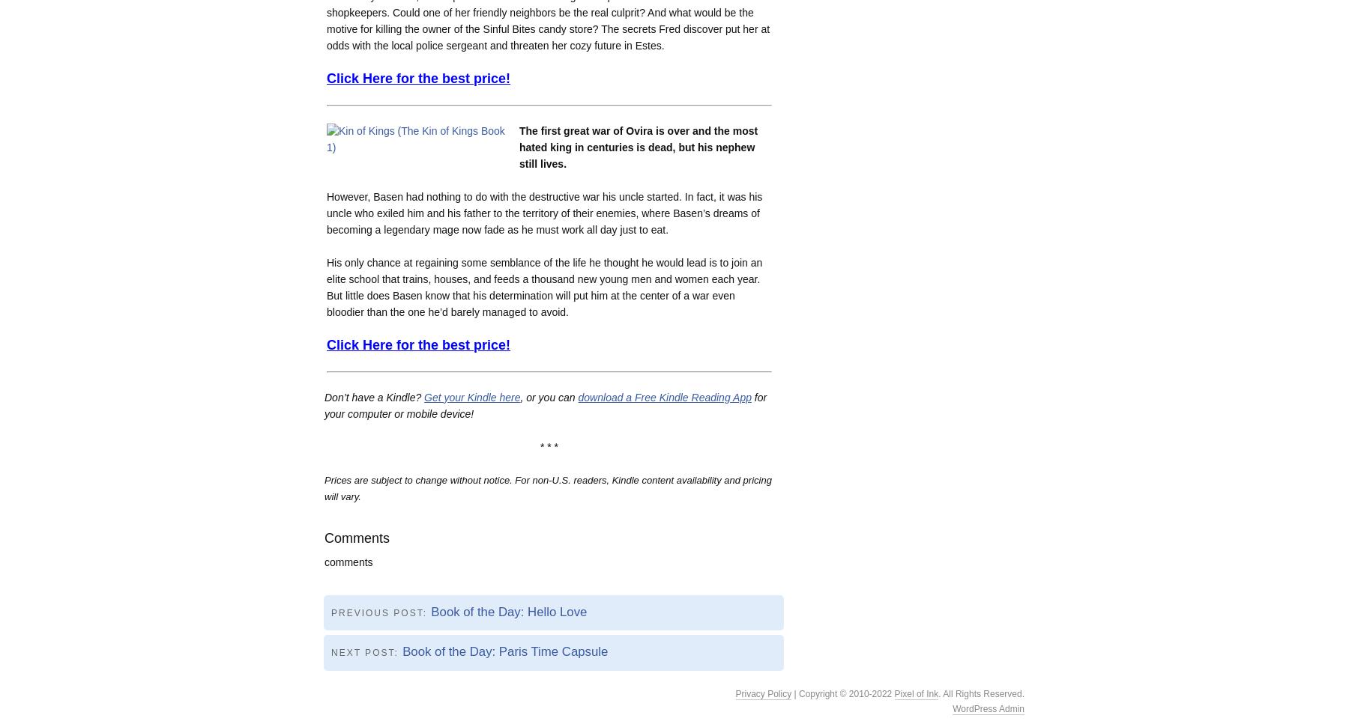 Image resolution: width=1349 pixels, height=724 pixels. What do you see at coordinates (331, 652) in the screenshot?
I see `'Next post:'` at bounding box center [331, 652].